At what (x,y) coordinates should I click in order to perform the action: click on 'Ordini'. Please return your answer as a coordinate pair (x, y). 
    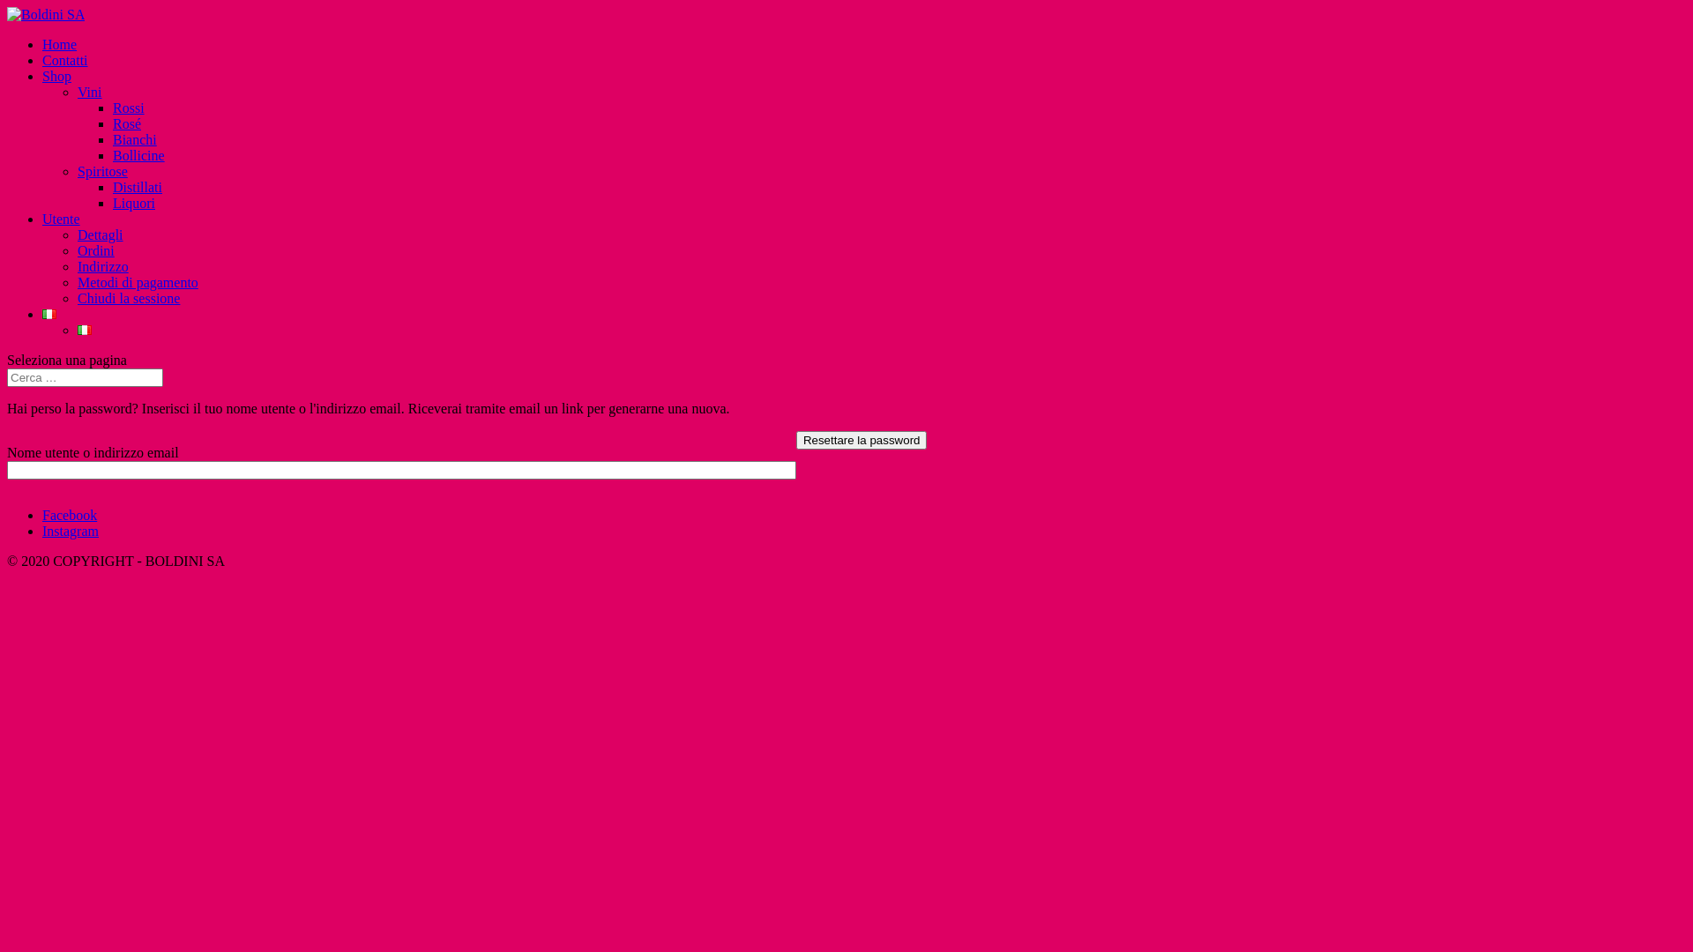
    Looking at the image, I should click on (95, 250).